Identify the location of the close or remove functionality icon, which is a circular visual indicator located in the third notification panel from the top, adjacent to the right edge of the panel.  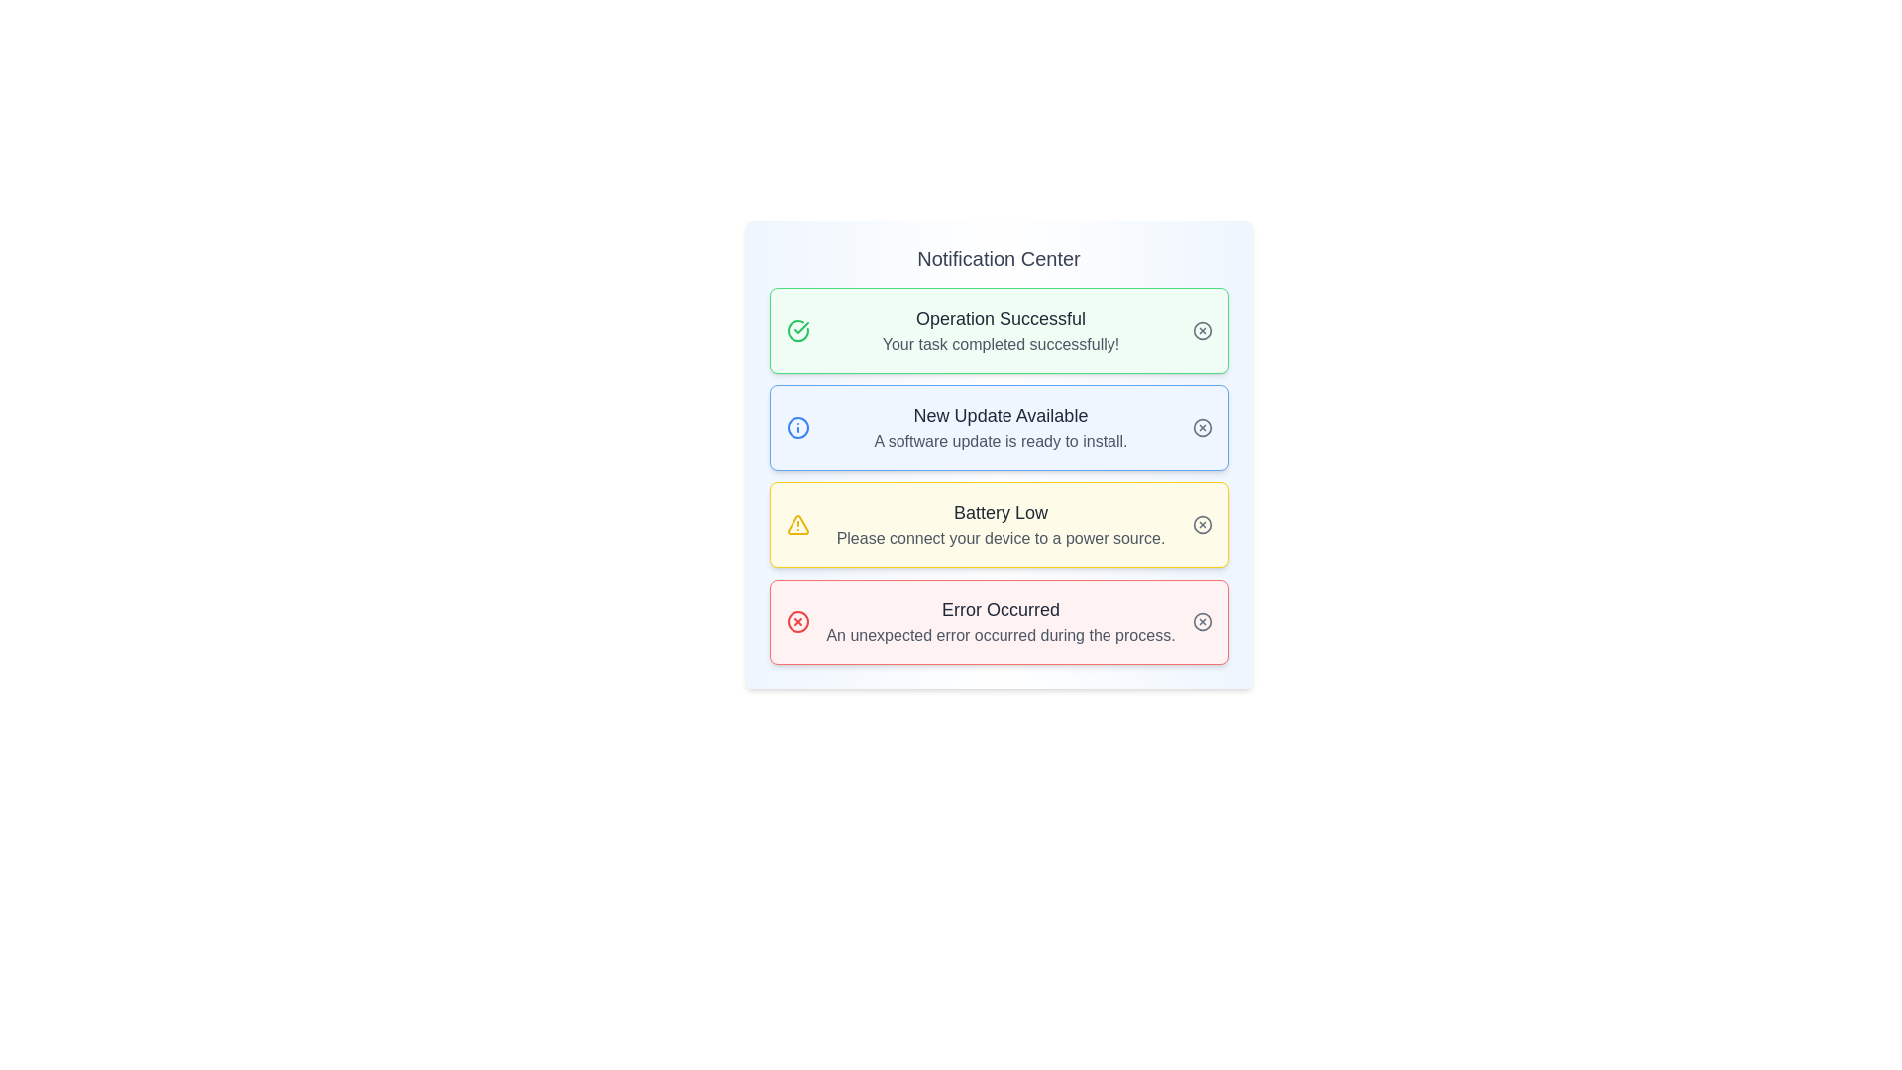
(1201, 523).